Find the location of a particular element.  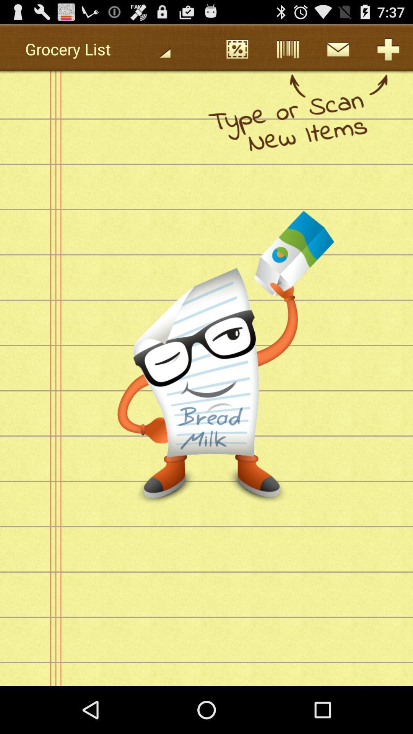

the email icon is located at coordinates (337, 52).